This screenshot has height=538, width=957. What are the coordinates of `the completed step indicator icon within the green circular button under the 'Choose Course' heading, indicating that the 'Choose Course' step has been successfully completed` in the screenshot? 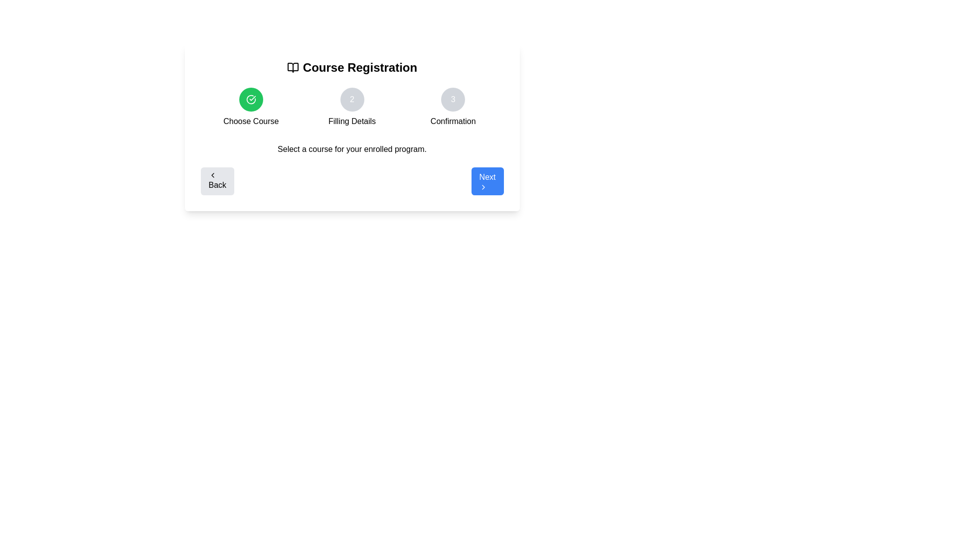 It's located at (251, 100).